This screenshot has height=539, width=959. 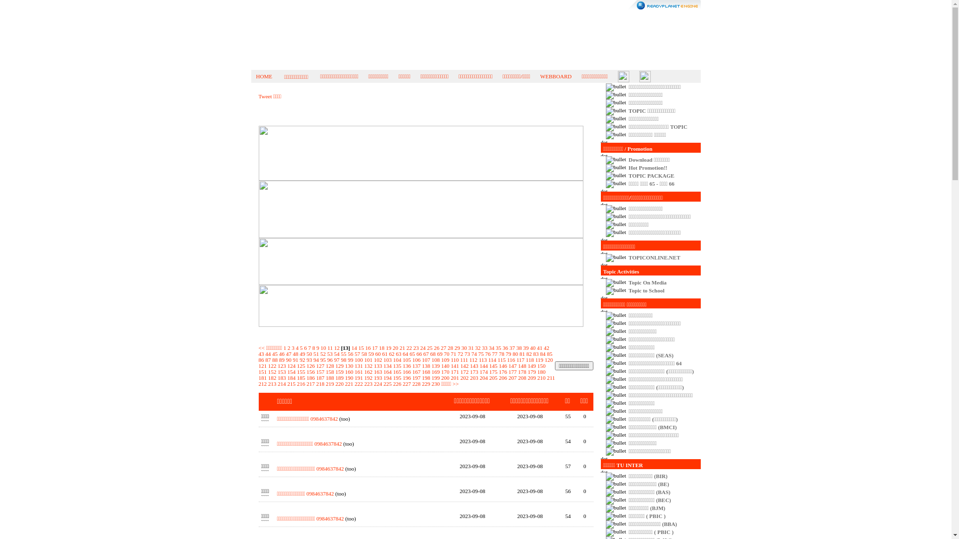 I want to click on '190', so click(x=349, y=377).